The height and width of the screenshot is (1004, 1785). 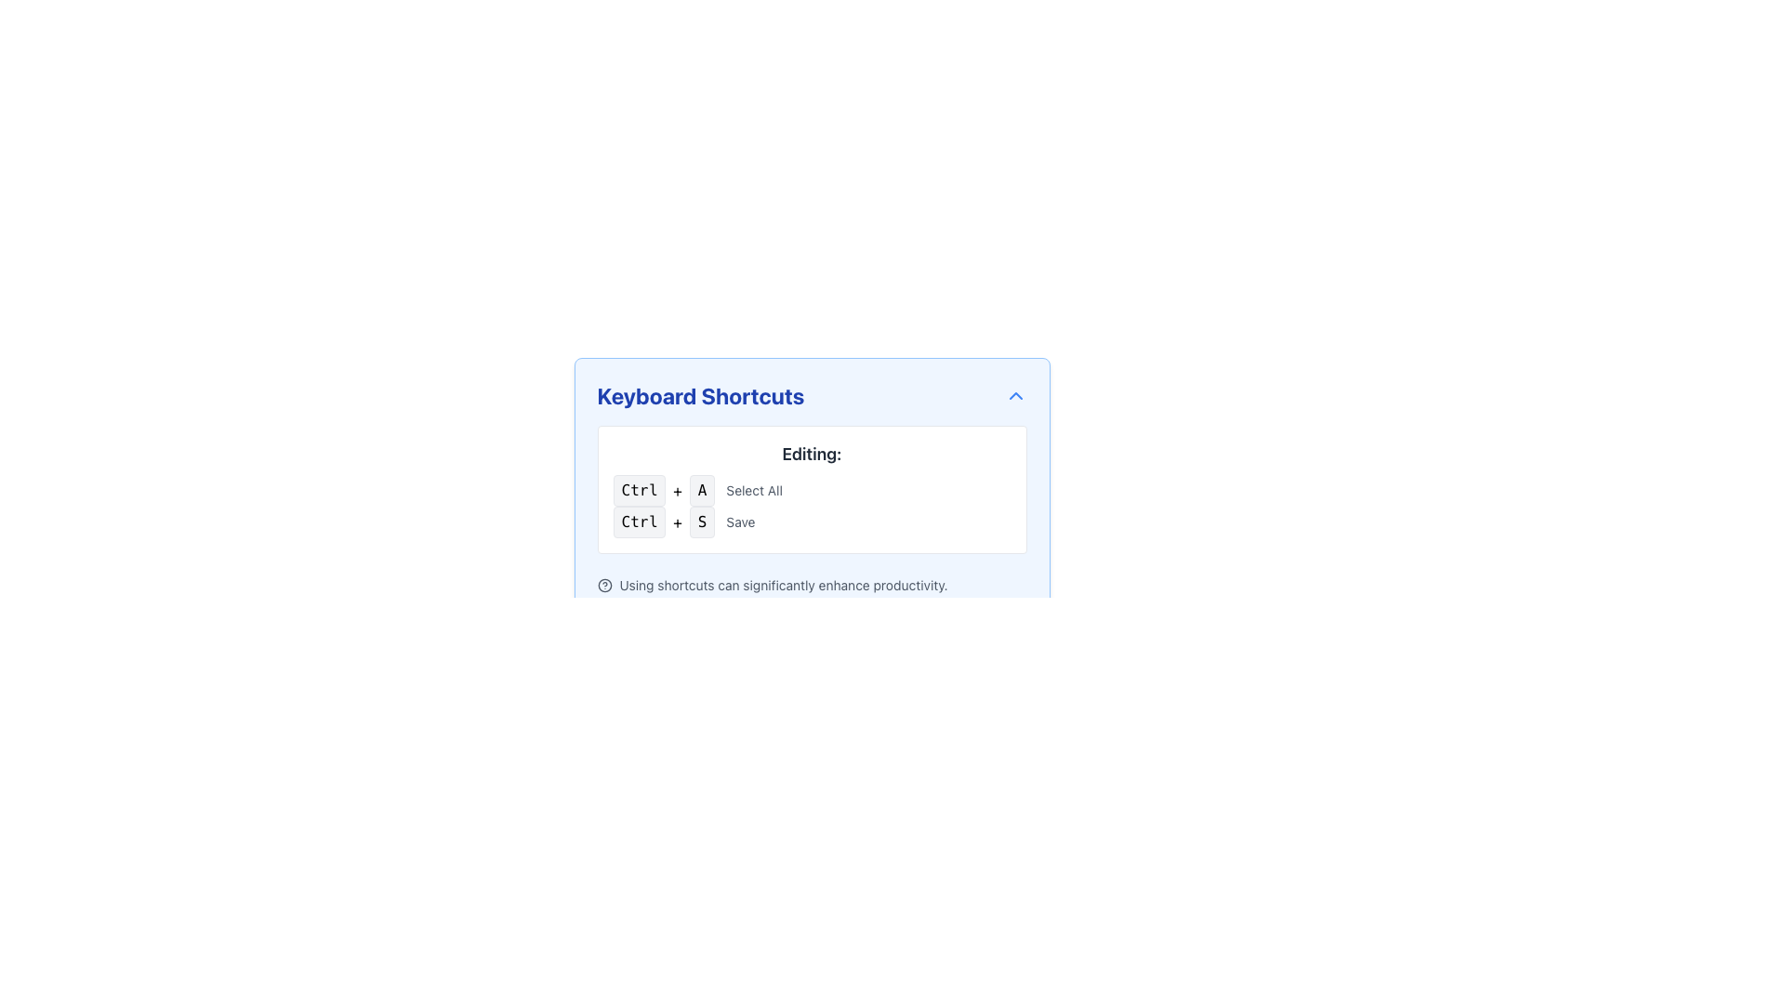 What do you see at coordinates (639, 490) in the screenshot?
I see `the 'Ctrl' key representation in the 'Editing' section of the 'Keyboard Shortcuts' interface, which is the first element in the horizontal grouping for the shortcut 'Ctrl + A'` at bounding box center [639, 490].